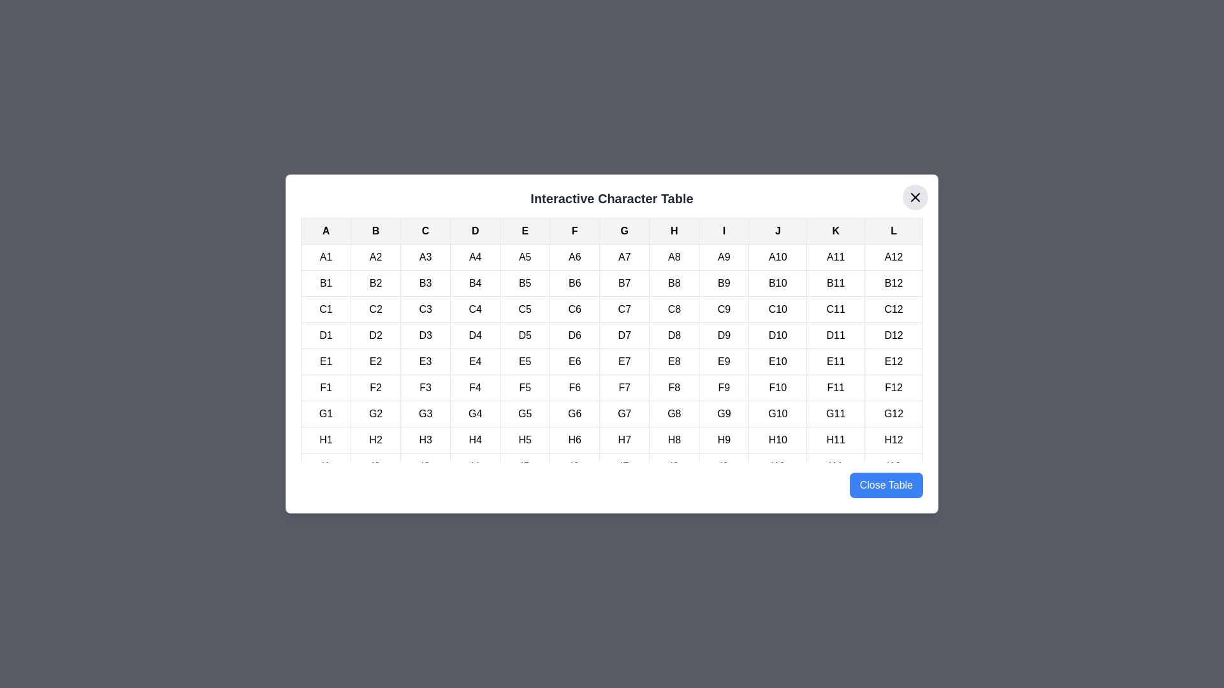 This screenshot has width=1224, height=688. Describe the element at coordinates (425, 231) in the screenshot. I see `the table header cell labeled C to highlight its column` at that location.